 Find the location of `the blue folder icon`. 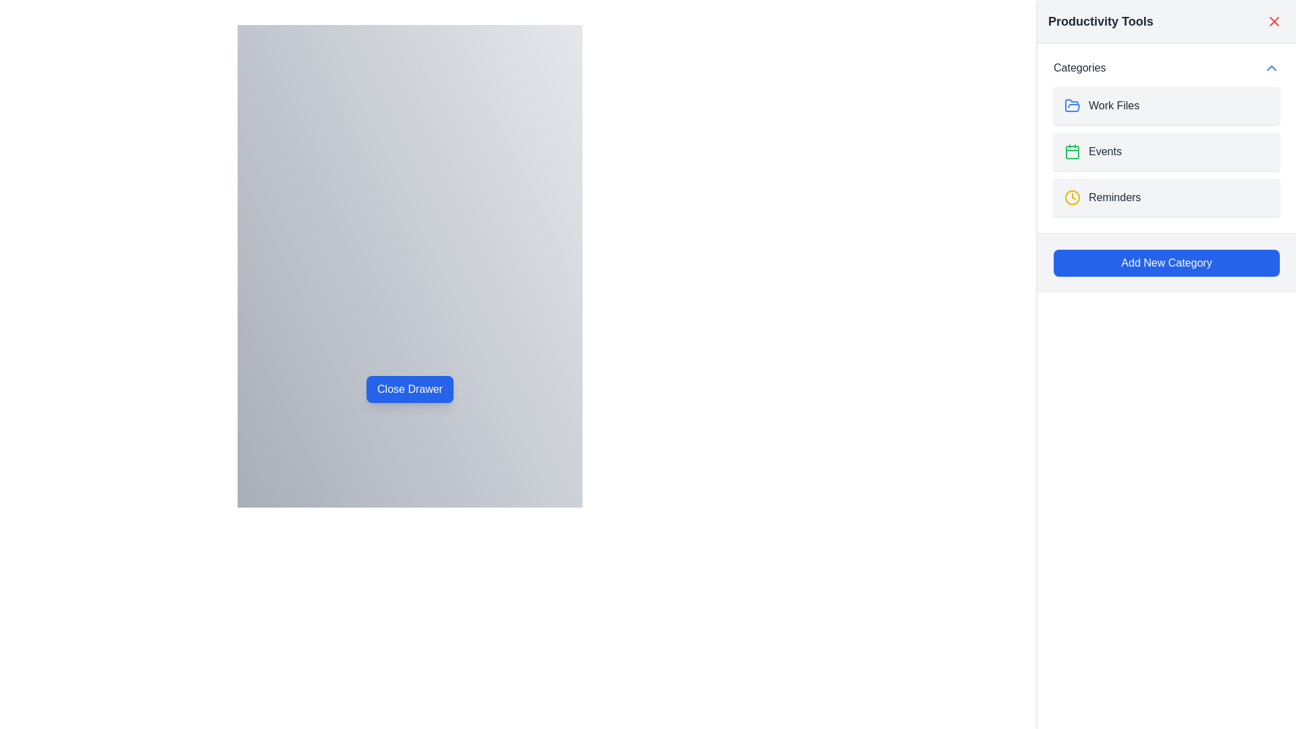

the blue folder icon is located at coordinates (1071, 105).